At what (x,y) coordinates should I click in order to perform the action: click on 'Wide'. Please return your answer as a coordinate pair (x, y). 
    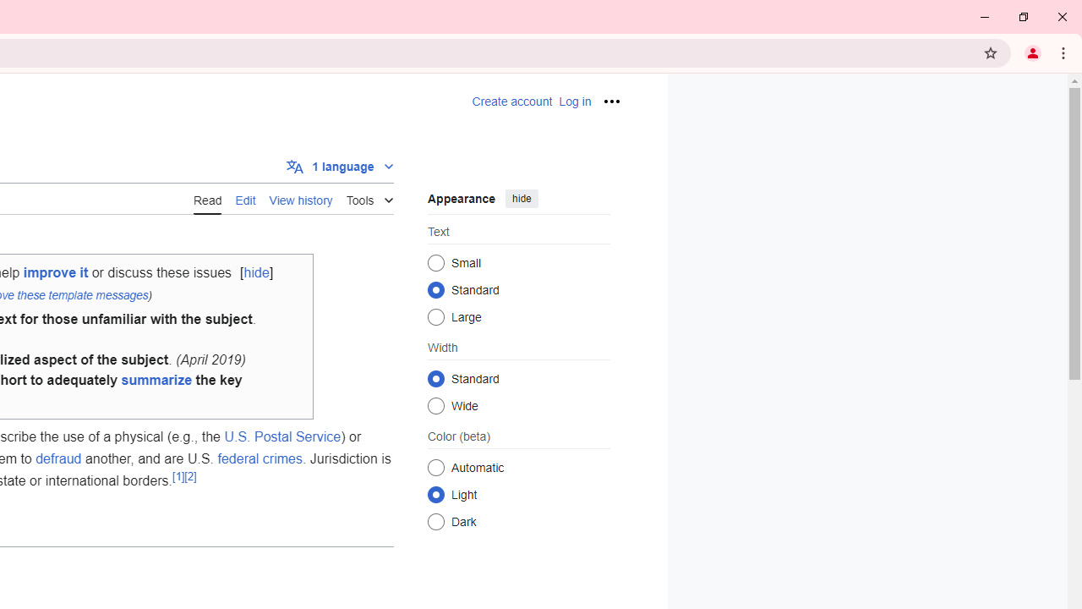
    Looking at the image, I should click on (435, 405).